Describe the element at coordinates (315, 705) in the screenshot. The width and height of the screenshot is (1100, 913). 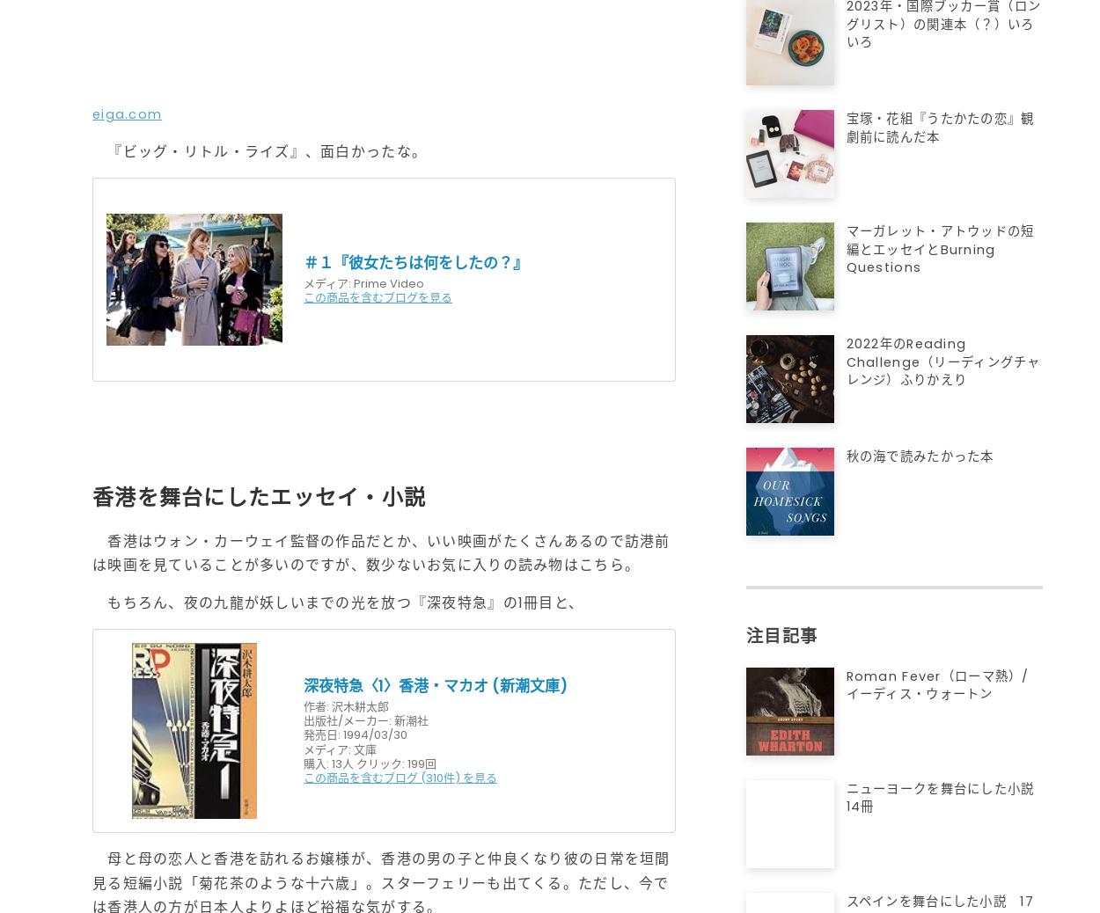
I see `'作者:'` at that location.